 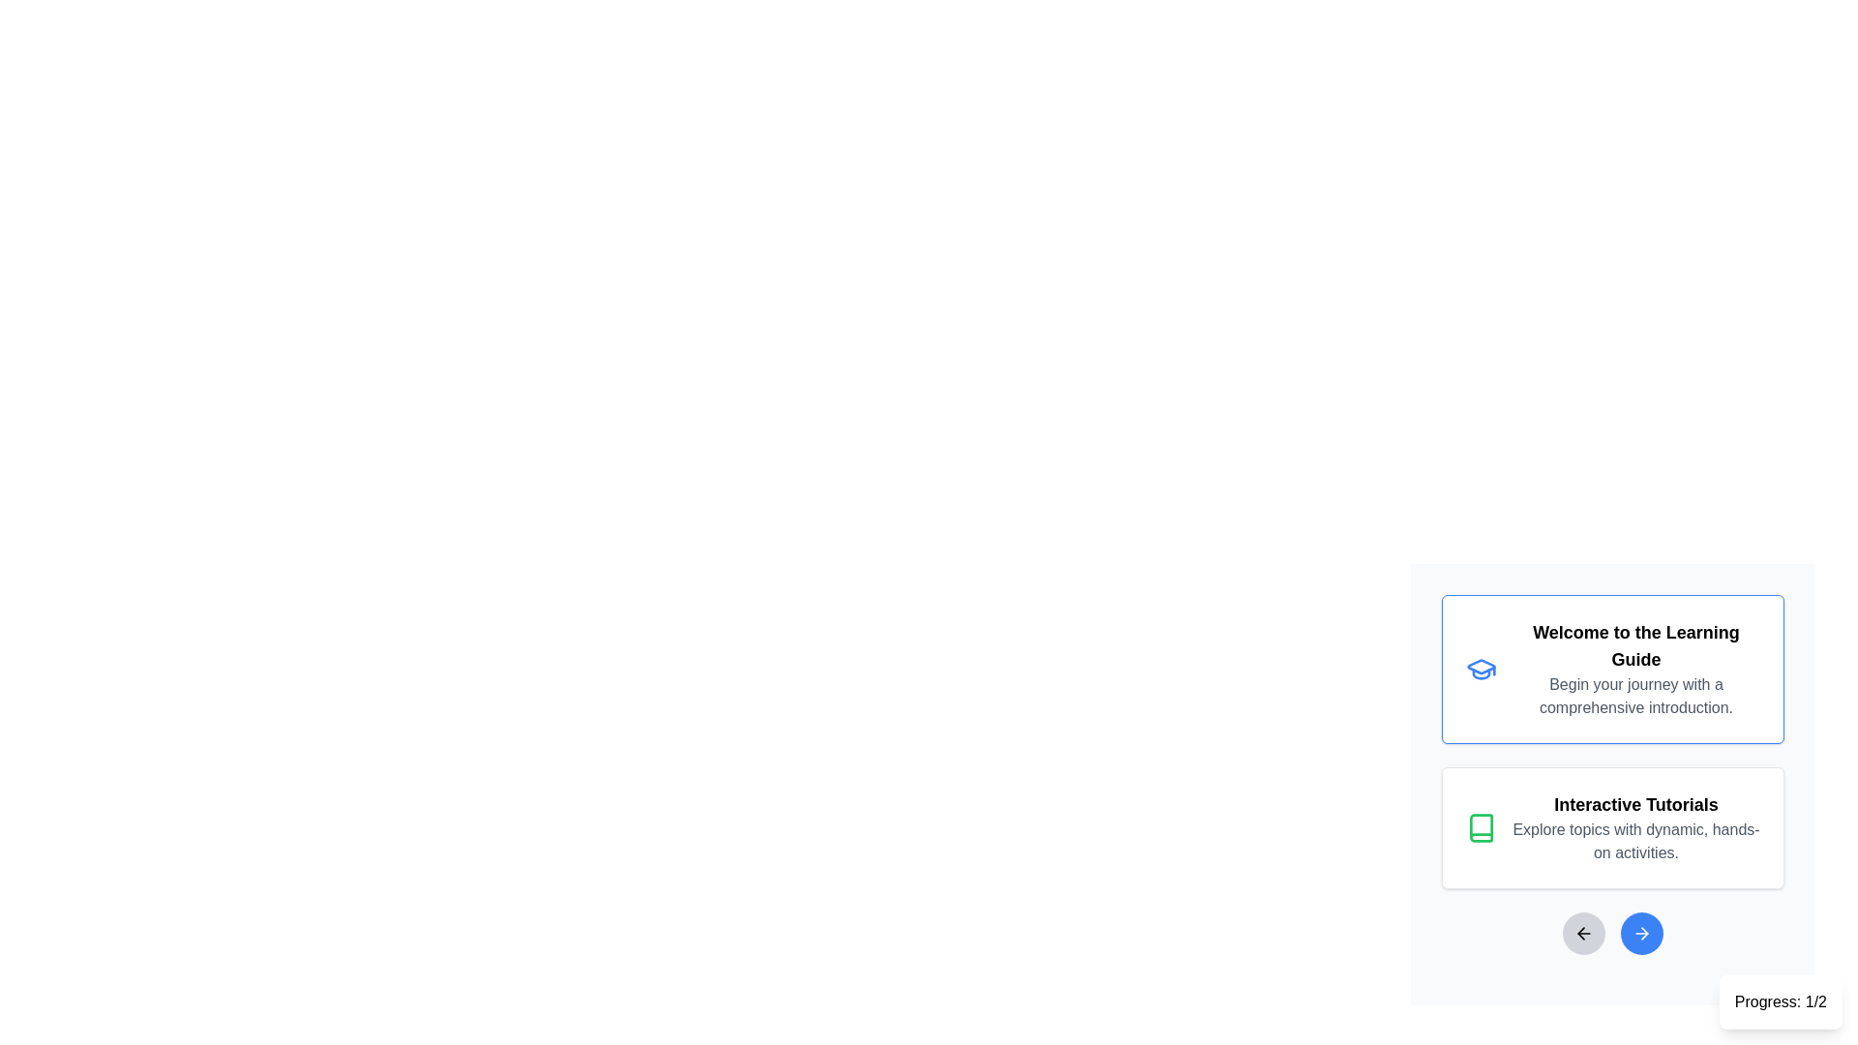 What do you see at coordinates (1481, 666) in the screenshot?
I see `the leftmost part of the 'Welcome to the Learning Guide' icon, which represents the learning guide feature of the interface` at bounding box center [1481, 666].